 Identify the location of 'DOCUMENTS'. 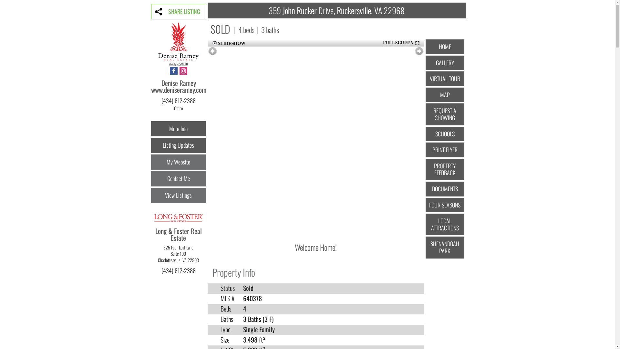
(444, 189).